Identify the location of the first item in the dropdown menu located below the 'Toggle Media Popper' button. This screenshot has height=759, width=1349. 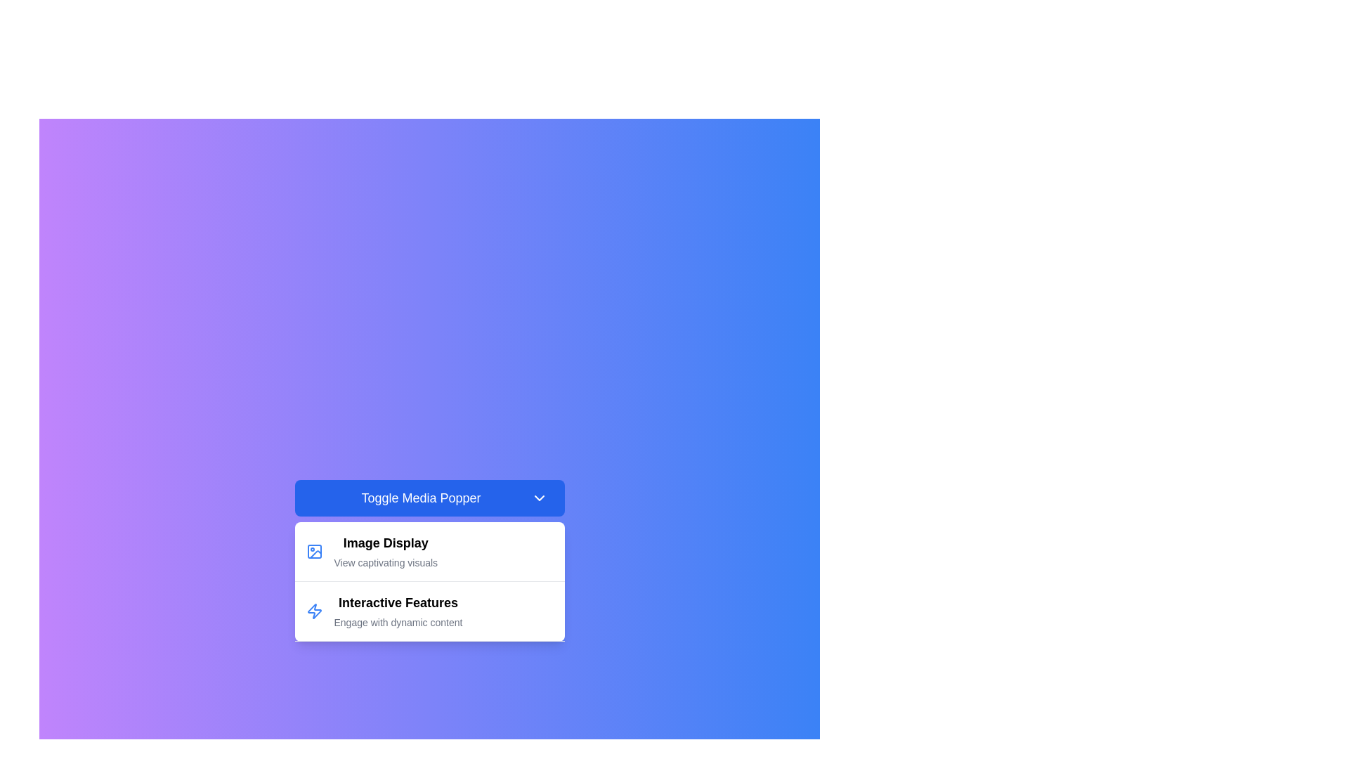
(429, 551).